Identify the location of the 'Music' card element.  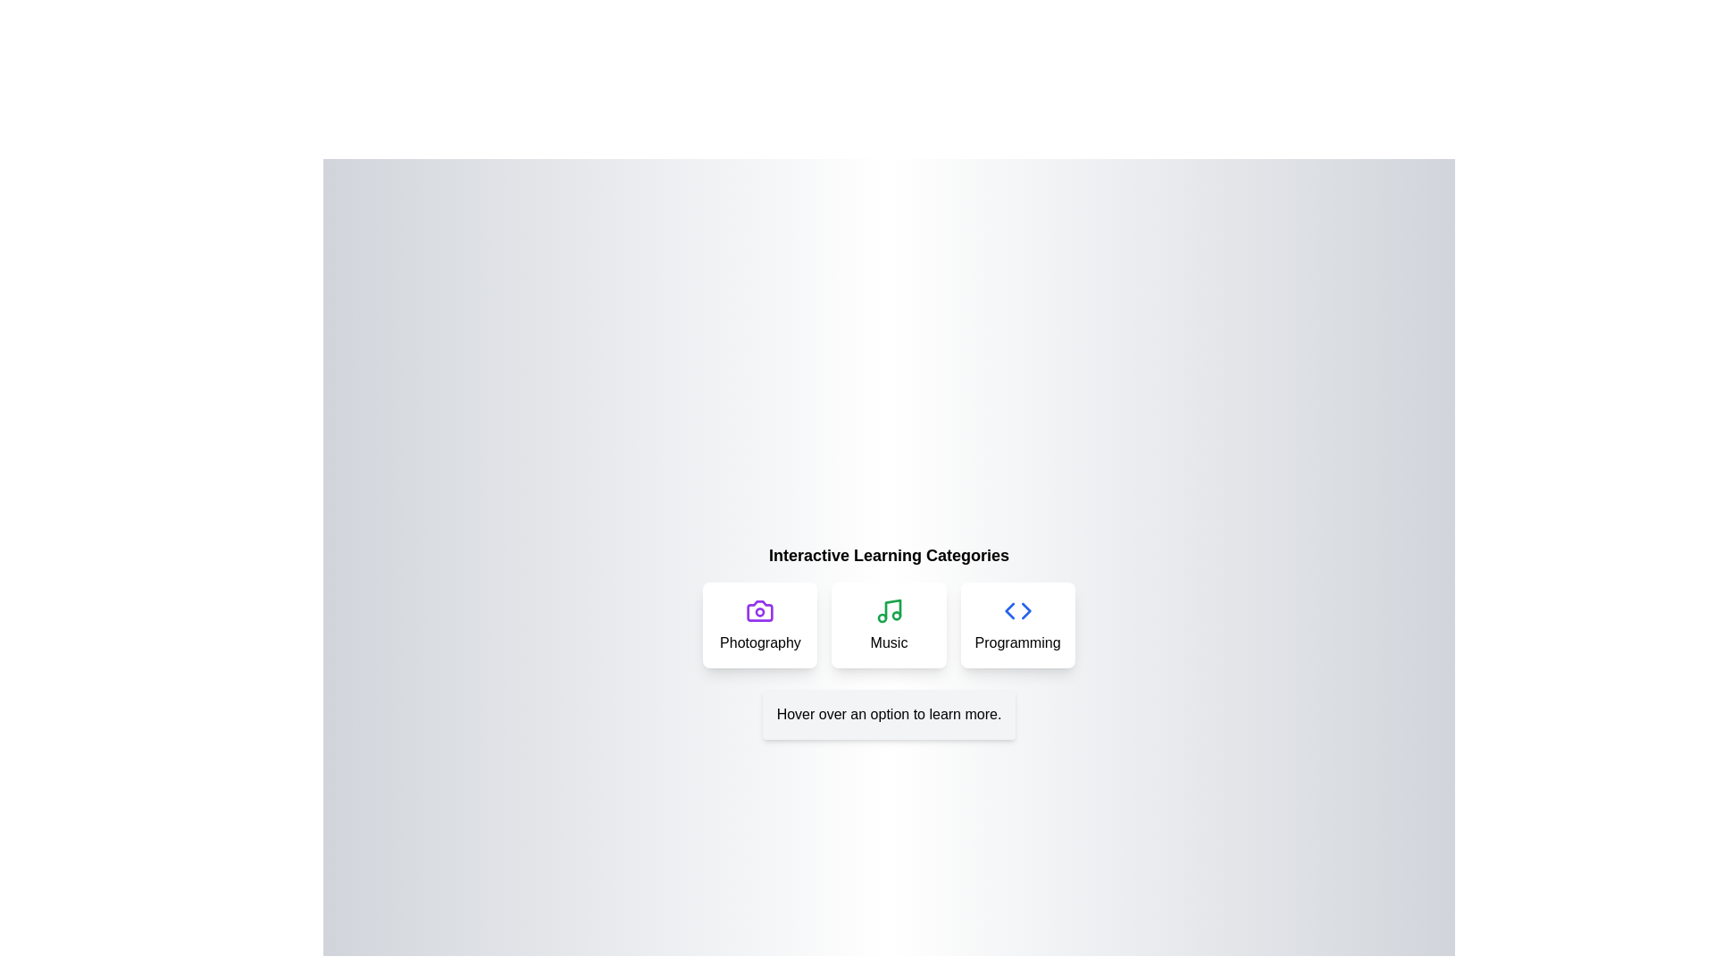
(889, 624).